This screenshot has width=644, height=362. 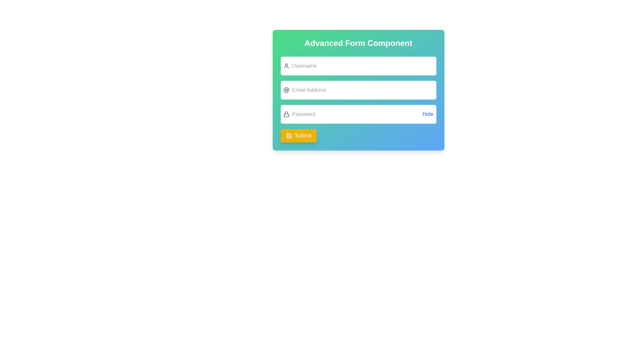 What do you see at coordinates (286, 90) in the screenshot?
I see `the decorative icon indicating the email input field, located on the left side of the email input area` at bounding box center [286, 90].